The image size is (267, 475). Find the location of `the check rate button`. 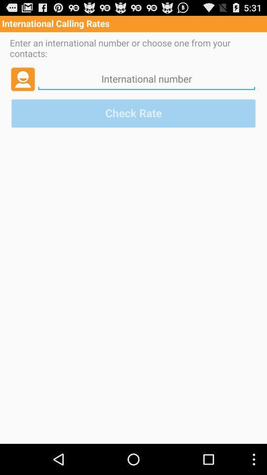

the check rate button is located at coordinates (133, 113).